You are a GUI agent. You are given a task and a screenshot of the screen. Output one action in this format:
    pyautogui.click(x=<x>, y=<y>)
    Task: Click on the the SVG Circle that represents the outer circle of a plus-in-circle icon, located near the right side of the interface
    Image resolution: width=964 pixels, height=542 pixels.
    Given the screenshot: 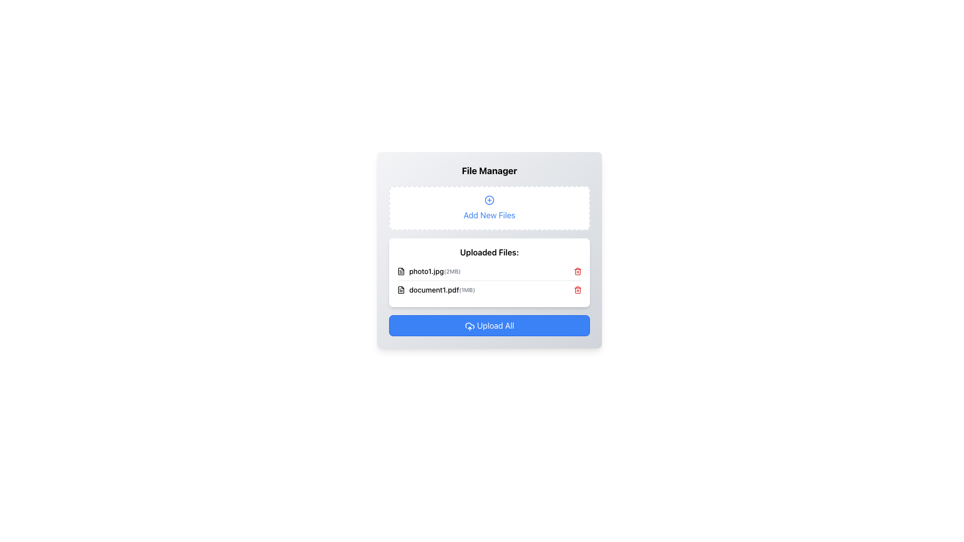 What is the action you would take?
    pyautogui.click(x=489, y=200)
    